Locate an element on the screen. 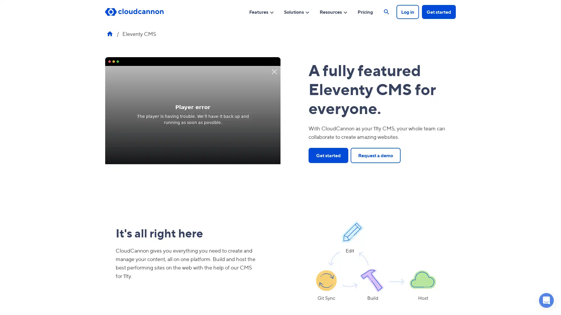  Features is located at coordinates (261, 11).